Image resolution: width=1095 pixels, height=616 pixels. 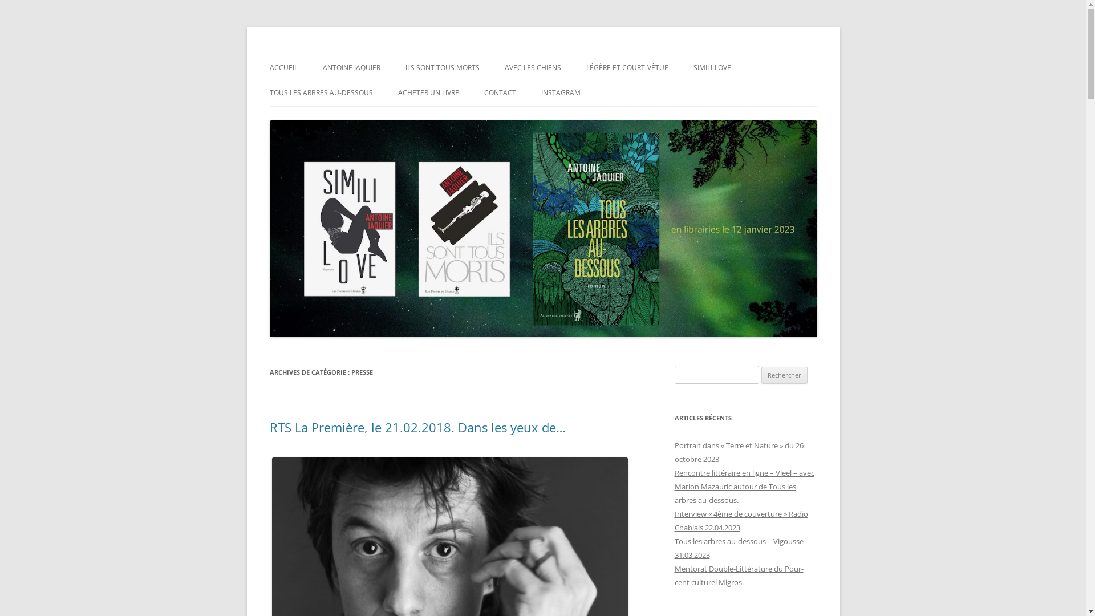 I want to click on 'TOUS LES ARBRES AU-DESSOUS', so click(x=268, y=92).